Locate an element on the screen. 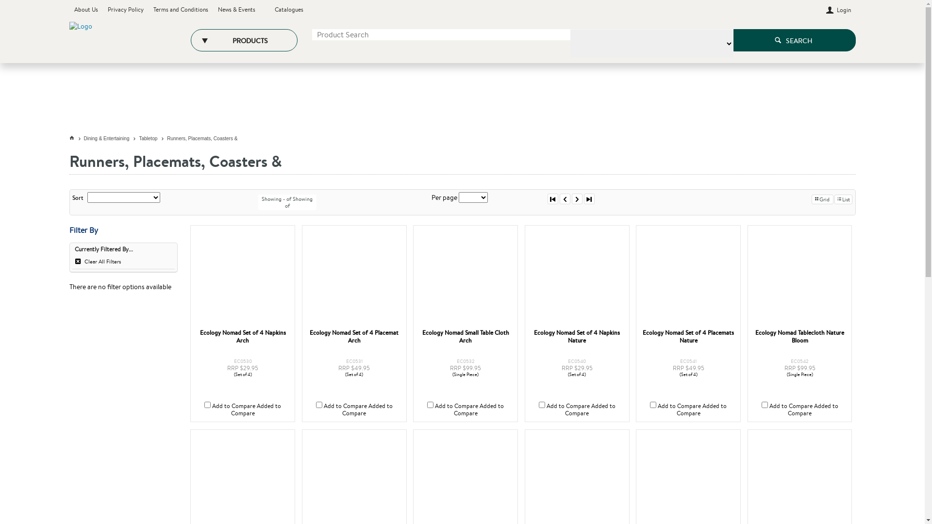 This screenshot has width=932, height=524. 'Ecology Nomad Set of 4 Placemat Arch' is located at coordinates (353, 336).